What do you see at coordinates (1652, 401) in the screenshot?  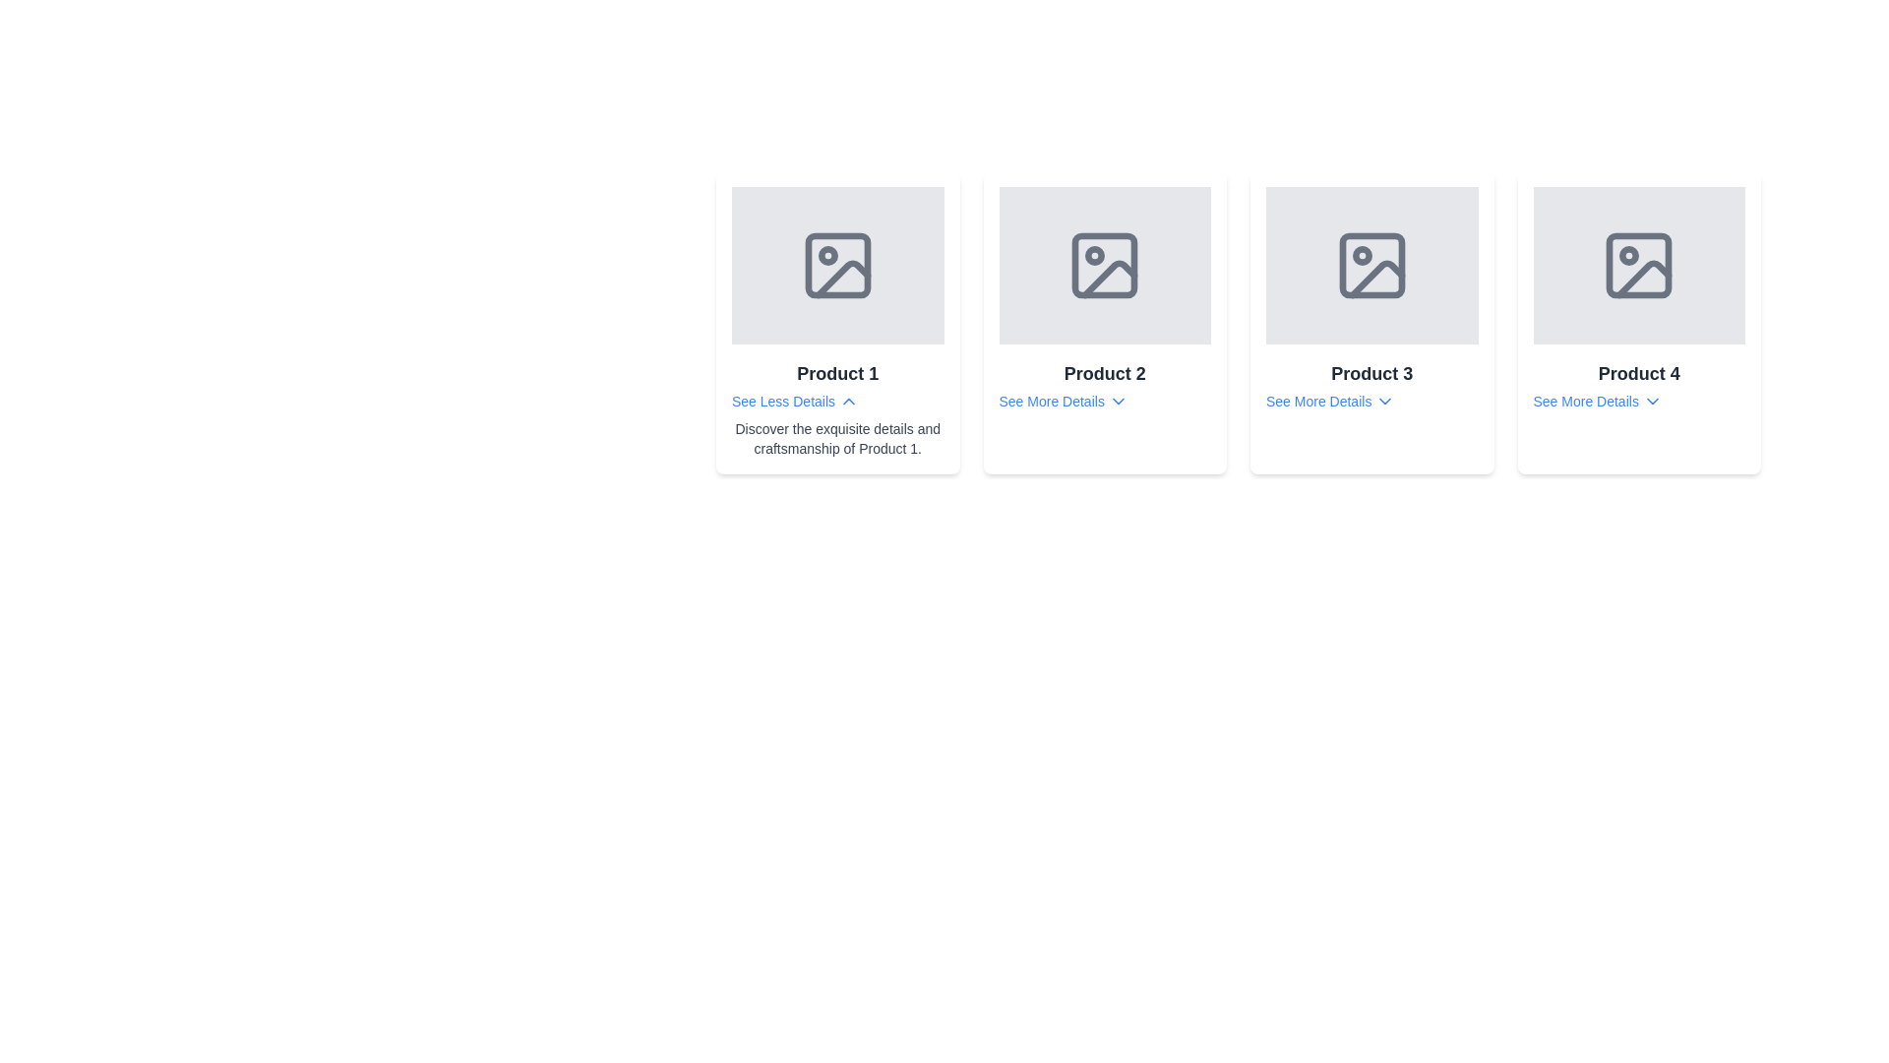 I see `the small downward-facing chevron icon located next to the 'See More Details' text in the fourth product card` at bounding box center [1652, 401].